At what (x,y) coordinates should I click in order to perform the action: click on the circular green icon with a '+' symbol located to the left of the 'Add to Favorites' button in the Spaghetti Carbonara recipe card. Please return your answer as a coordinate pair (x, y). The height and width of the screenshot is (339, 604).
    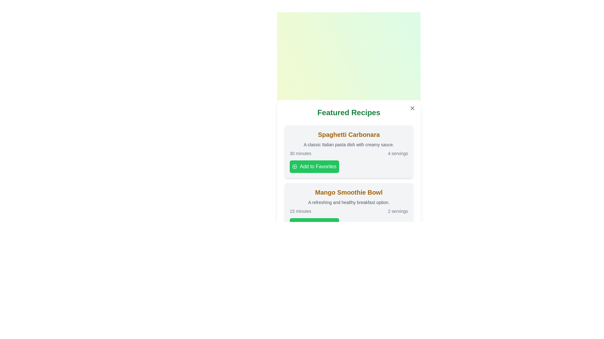
    Looking at the image, I should click on (294, 166).